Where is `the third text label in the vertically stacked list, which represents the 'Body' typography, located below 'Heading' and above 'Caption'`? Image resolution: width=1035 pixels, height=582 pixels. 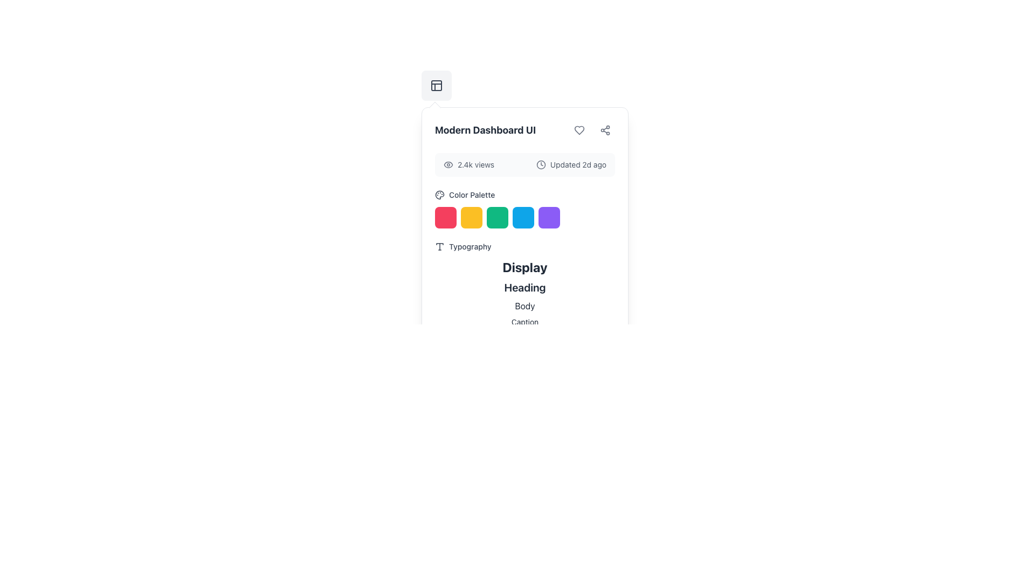 the third text label in the vertically stacked list, which represents the 'Body' typography, located below 'Heading' and above 'Caption' is located at coordinates (525, 306).